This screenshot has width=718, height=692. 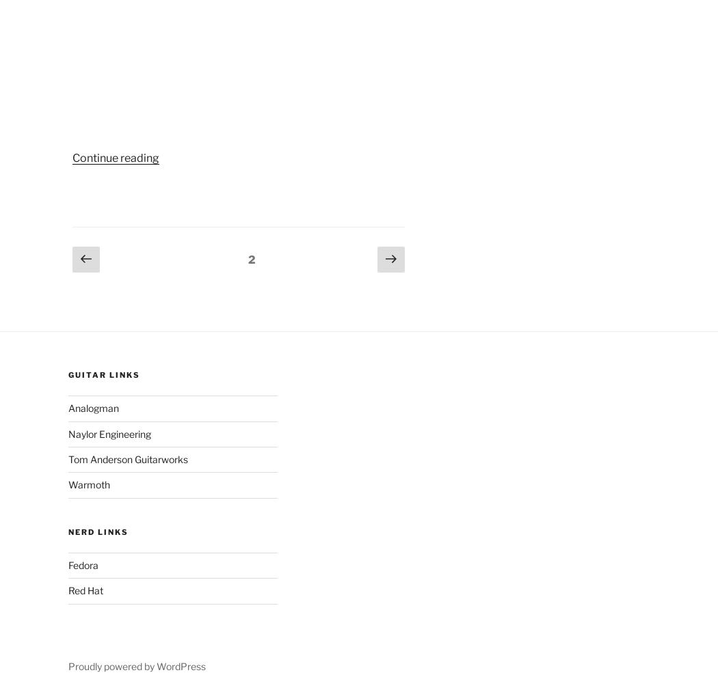 I want to click on 'Guitar Links', so click(x=103, y=374).